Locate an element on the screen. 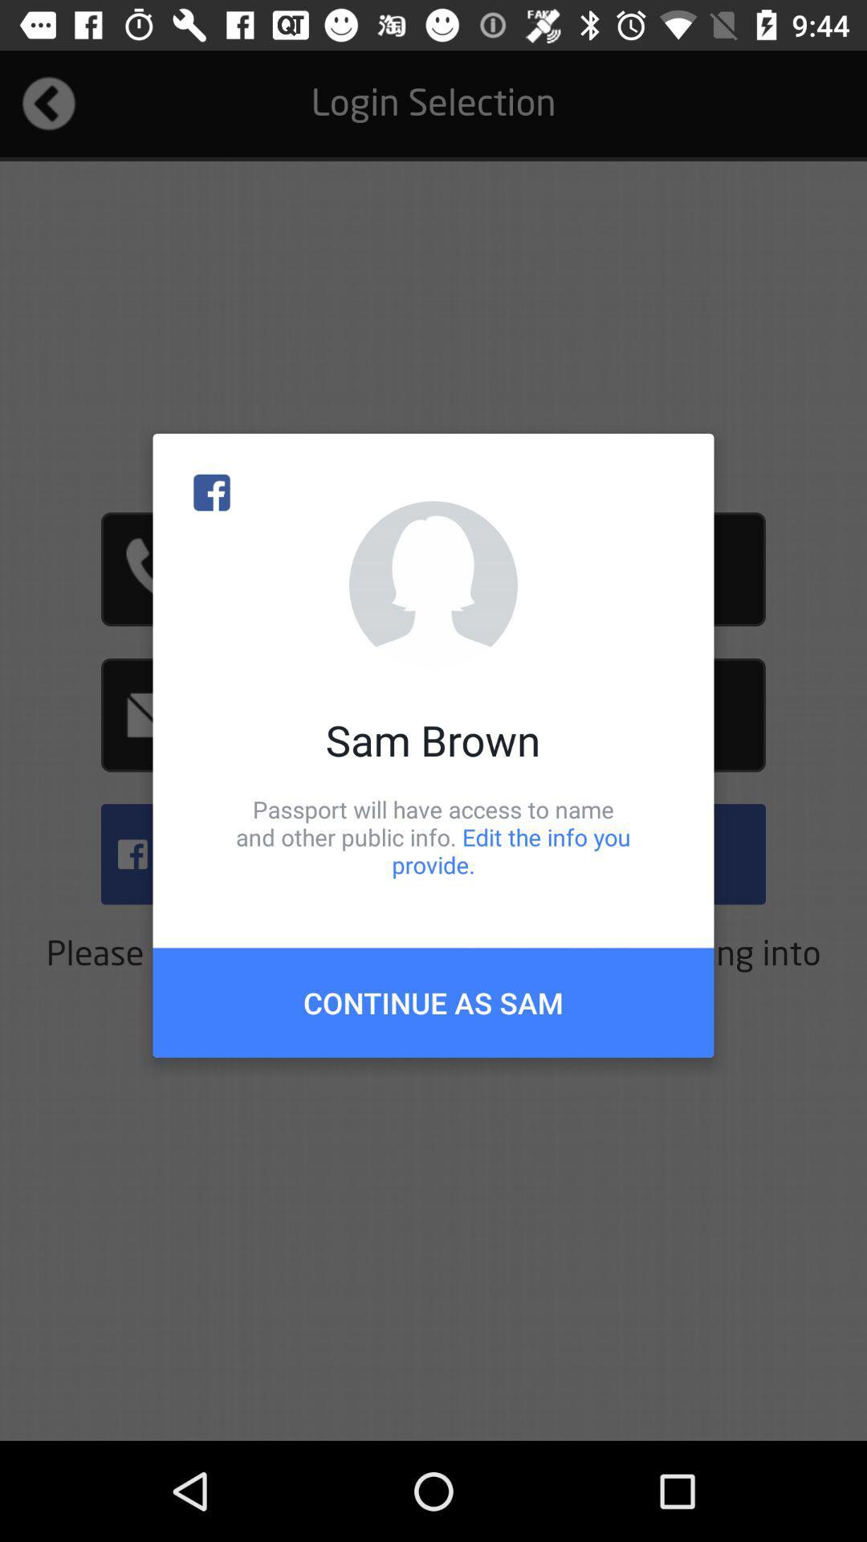 Image resolution: width=867 pixels, height=1542 pixels. the icon below the passport will have icon is located at coordinates (433, 1001).